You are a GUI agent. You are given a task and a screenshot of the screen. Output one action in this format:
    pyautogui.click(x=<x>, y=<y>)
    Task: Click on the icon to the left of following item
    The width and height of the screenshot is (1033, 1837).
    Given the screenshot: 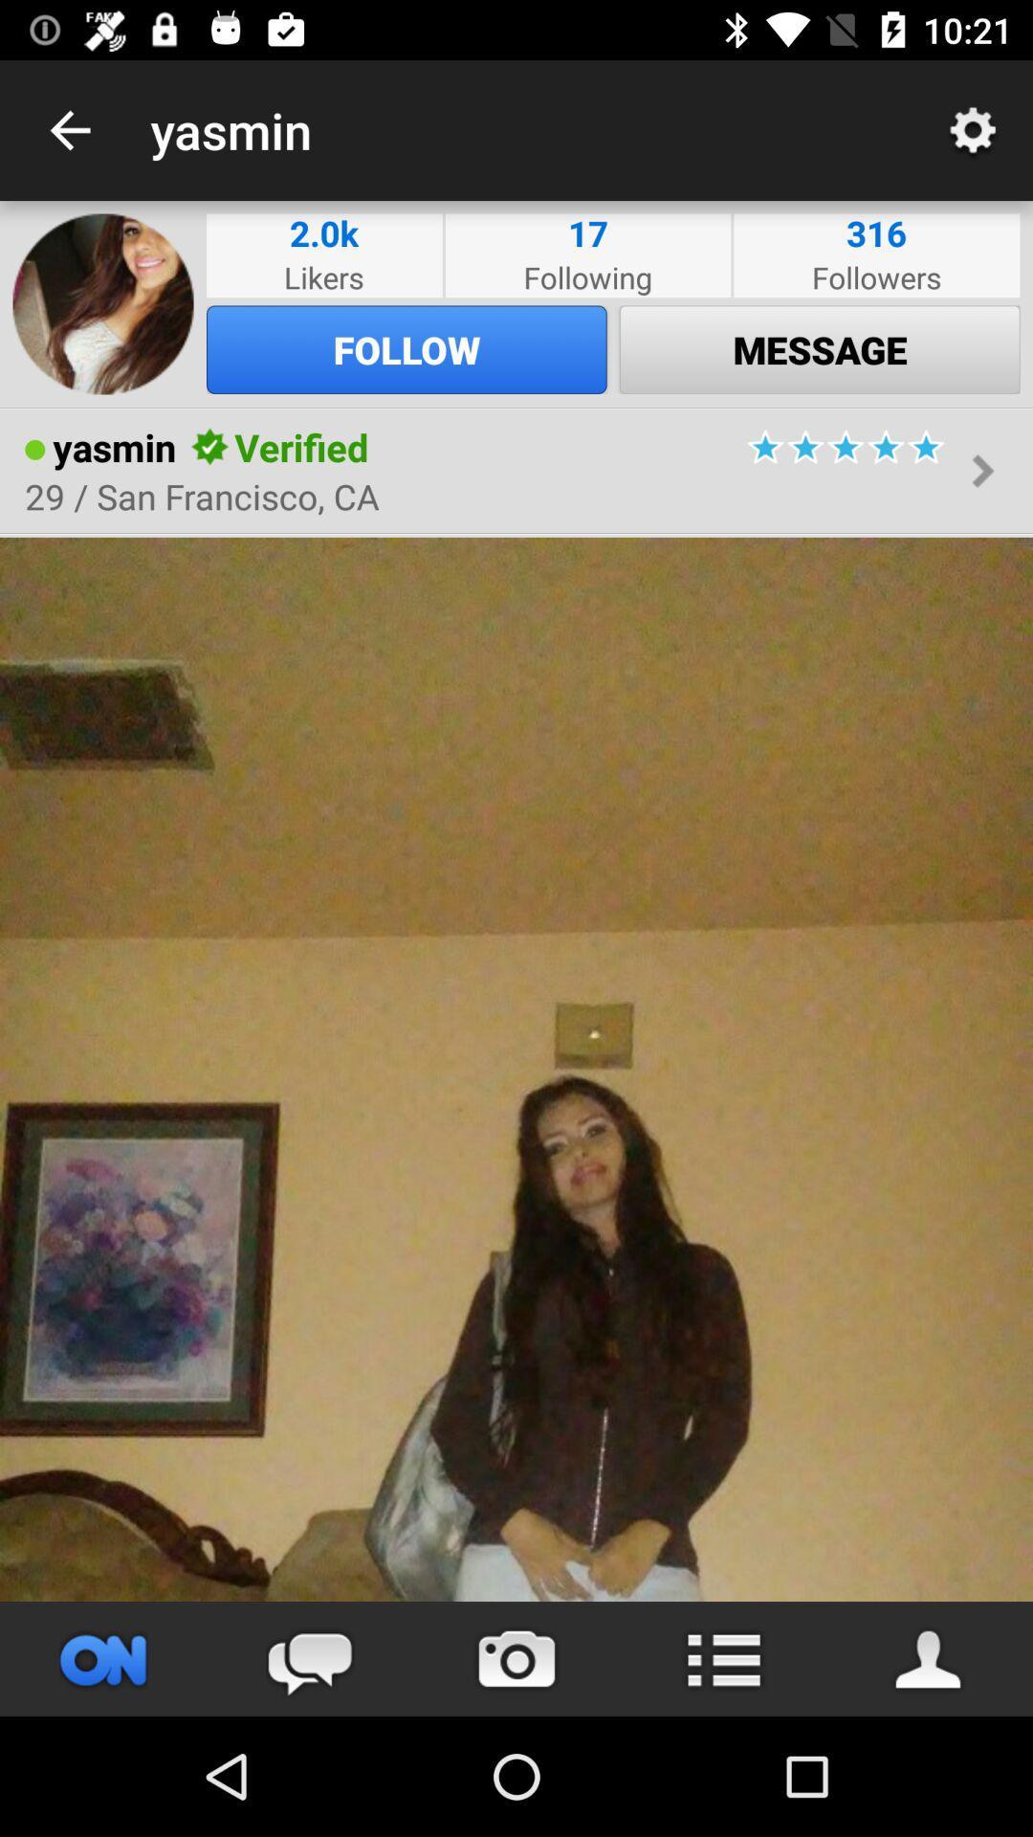 What is the action you would take?
    pyautogui.click(x=323, y=232)
    